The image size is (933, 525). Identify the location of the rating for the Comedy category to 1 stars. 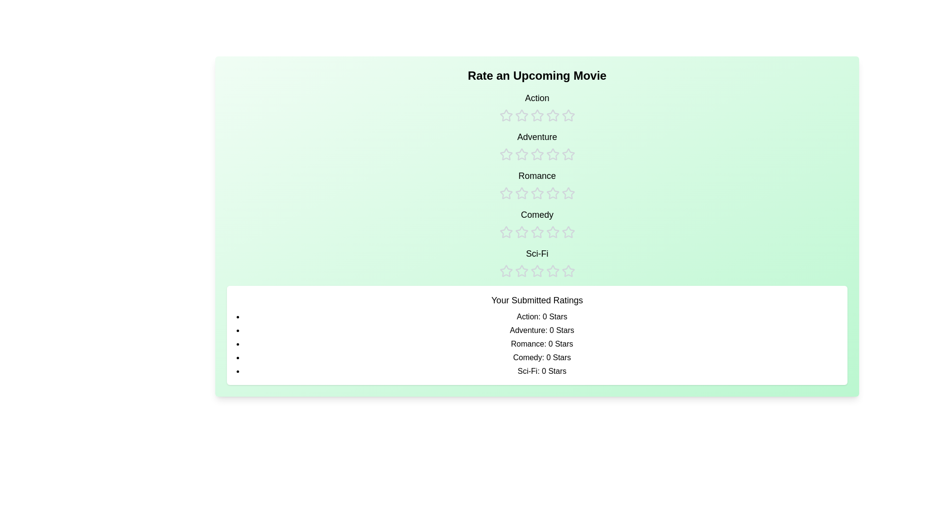
(505, 223).